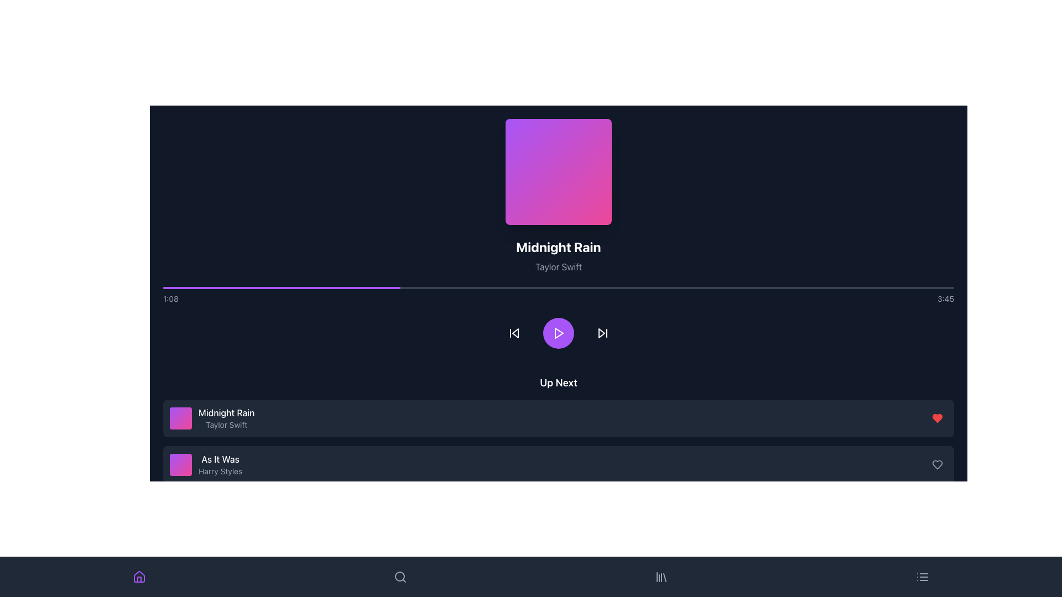 The image size is (1062, 597). I want to click on the favorite toggle icon located to the right of the text 'Midnight Rain' and 'Taylor Swift' in the 'Up Next' section, so click(936, 464).